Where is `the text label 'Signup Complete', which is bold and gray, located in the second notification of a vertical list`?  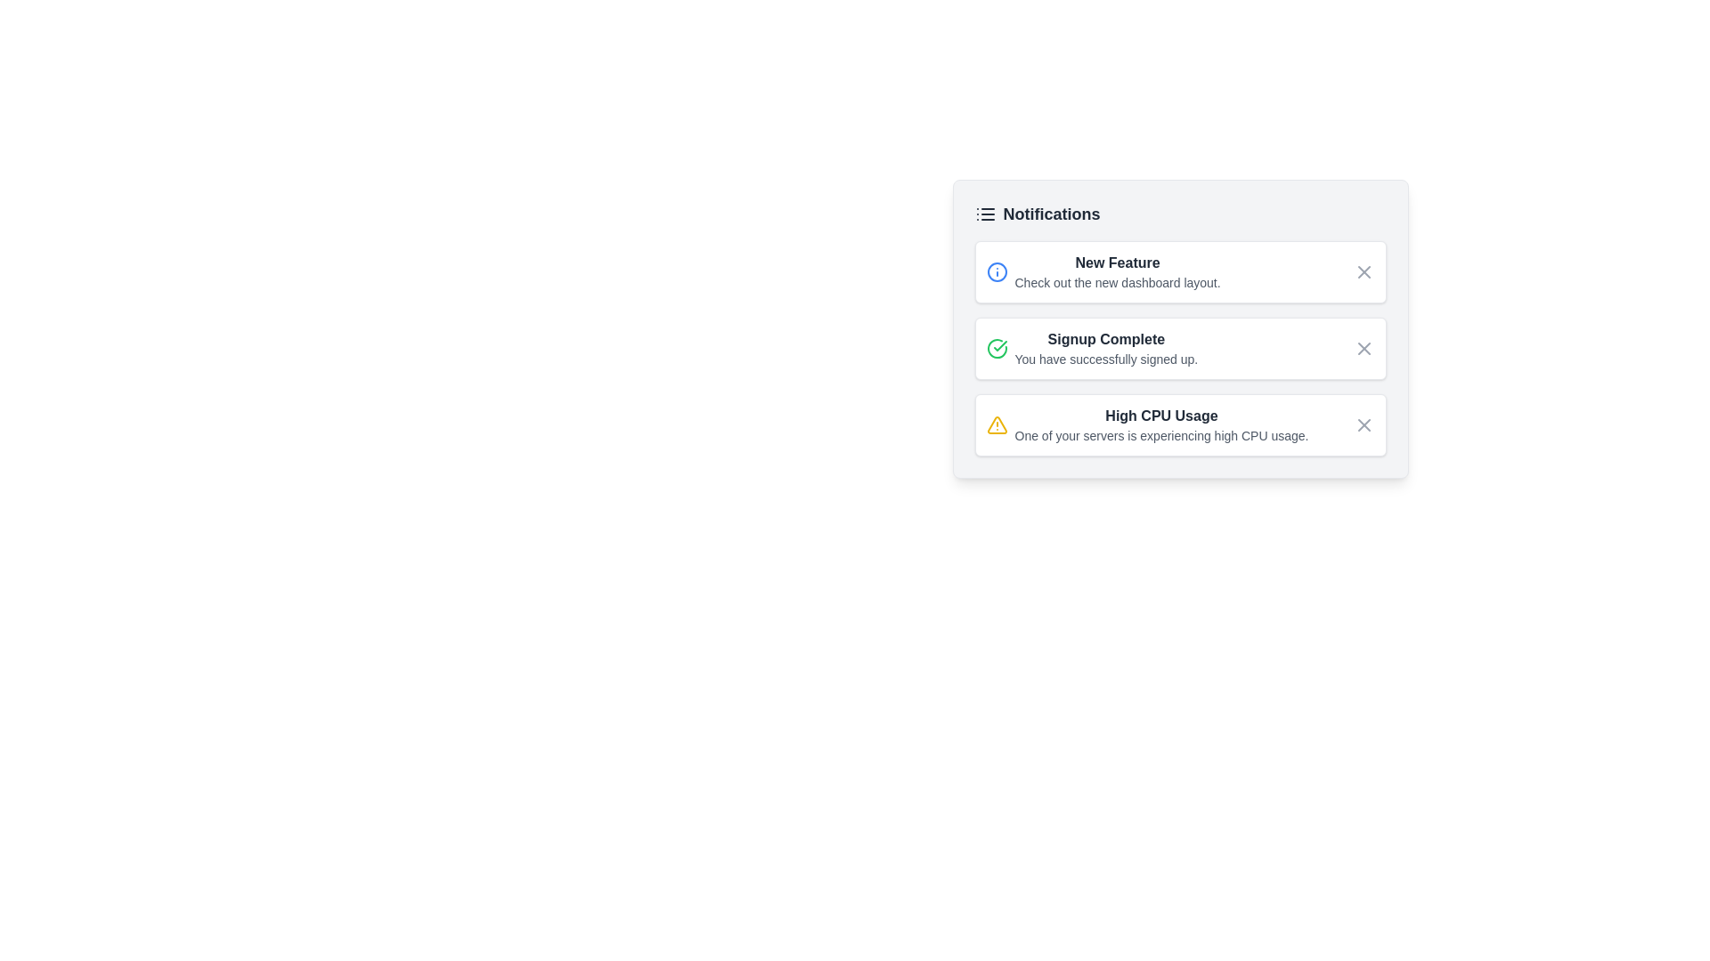 the text label 'Signup Complete', which is bold and gray, located in the second notification of a vertical list is located at coordinates (1105, 339).